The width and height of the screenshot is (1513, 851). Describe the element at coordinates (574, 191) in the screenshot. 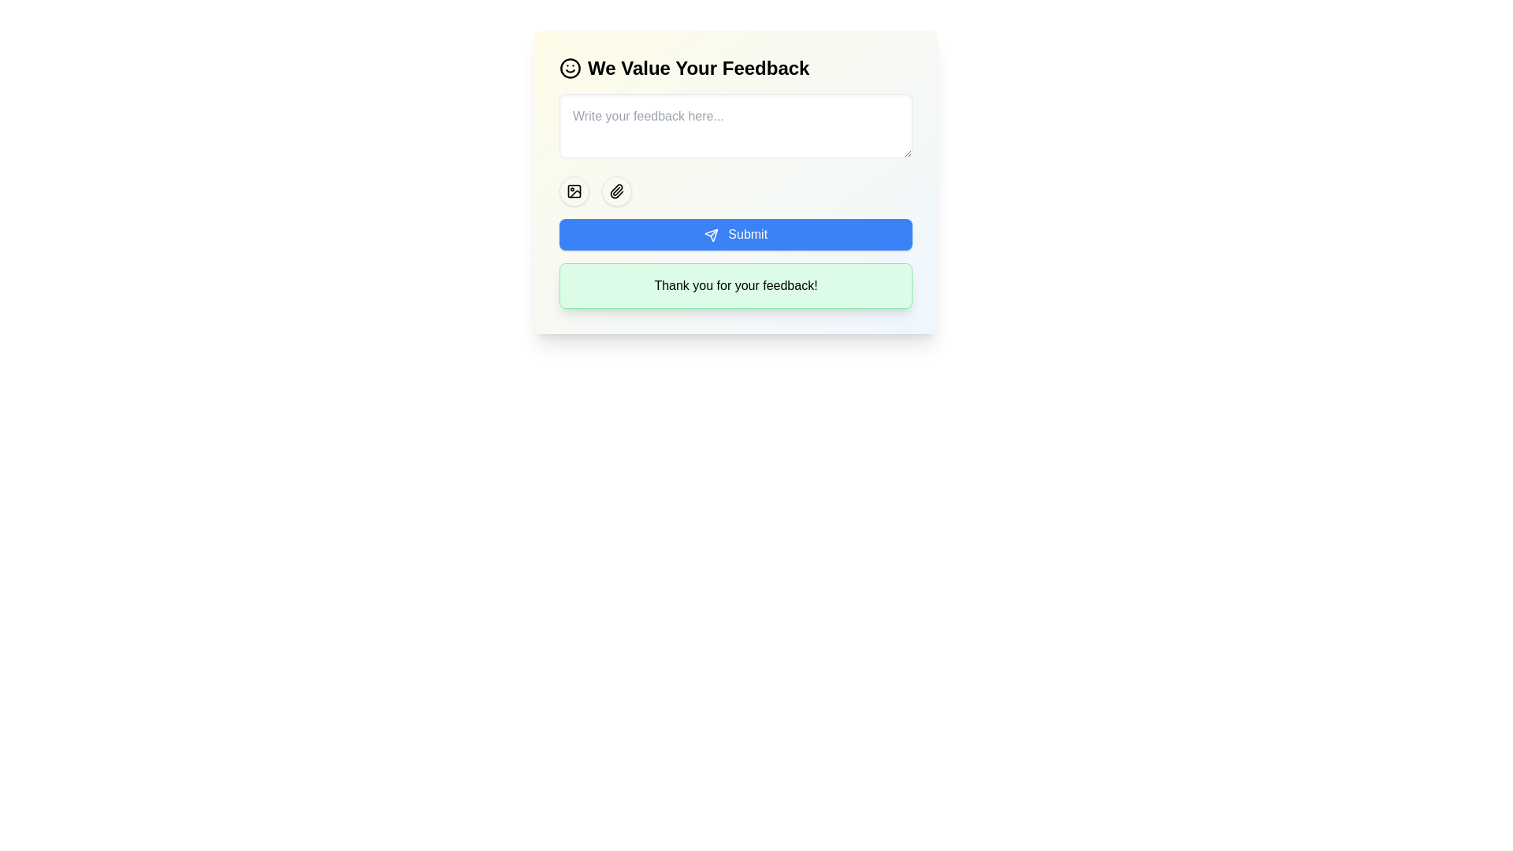

I see `the minimalist SVG rectangle with rounded corners, which represents an image placeholder and is positioned to the left of the text input field in the feedback form interface` at that location.